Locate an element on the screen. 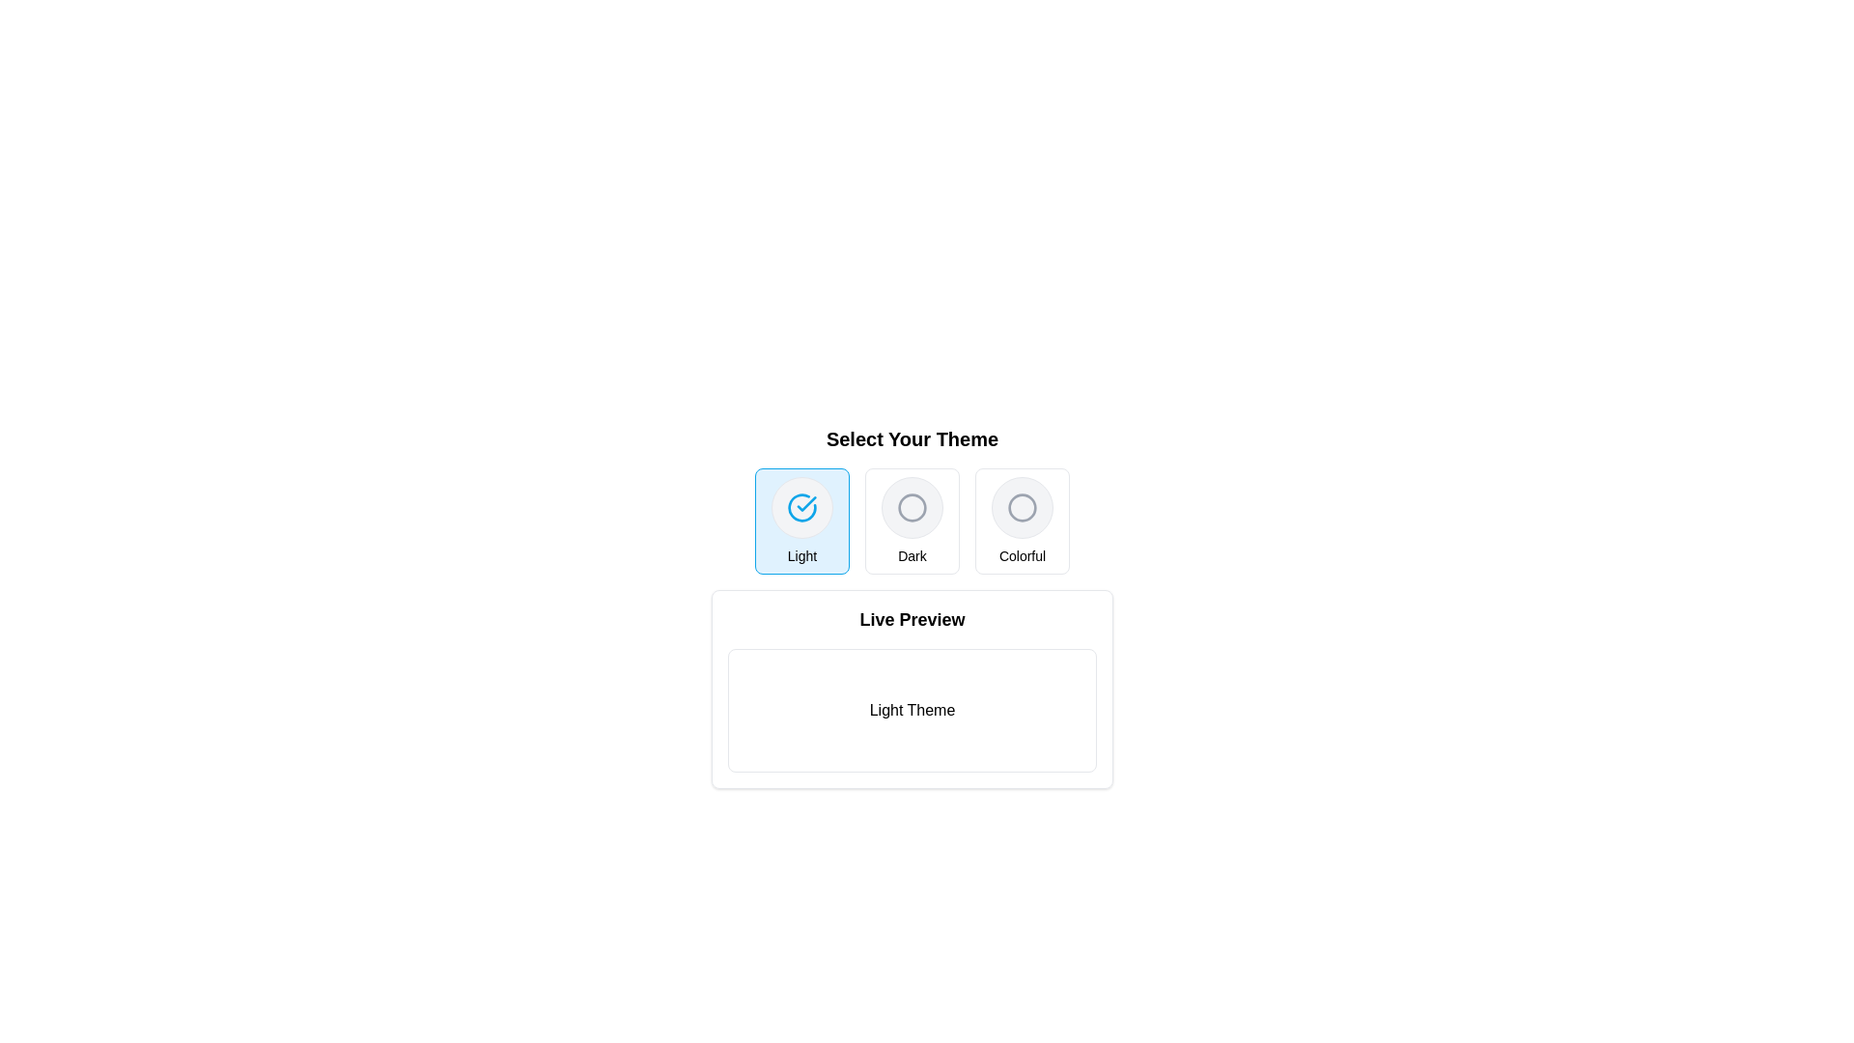 The width and height of the screenshot is (1854, 1043). the circular icon representing the 'Dark' theme option within the theme selection layout is located at coordinates (912, 506).